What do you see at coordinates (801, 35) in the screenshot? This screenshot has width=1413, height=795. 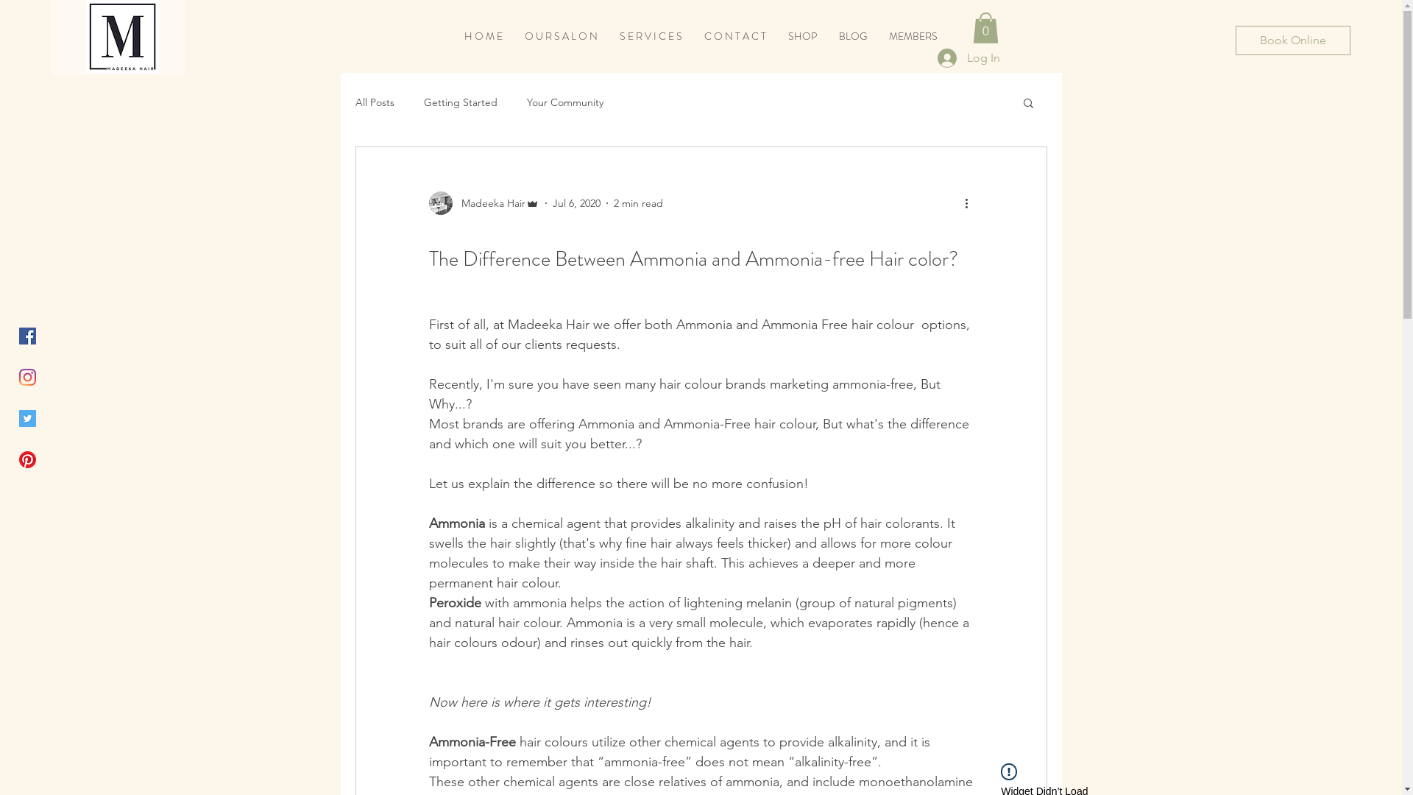 I see `'SHOP'` at bounding box center [801, 35].